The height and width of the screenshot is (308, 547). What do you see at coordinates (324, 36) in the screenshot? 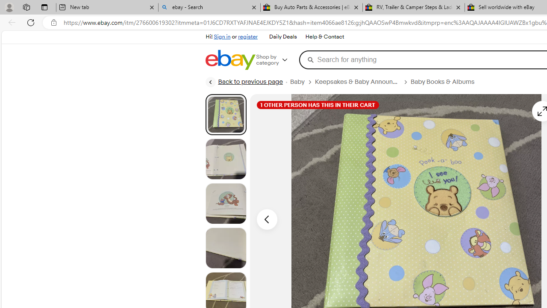
I see `'Help & Contact'` at bounding box center [324, 36].